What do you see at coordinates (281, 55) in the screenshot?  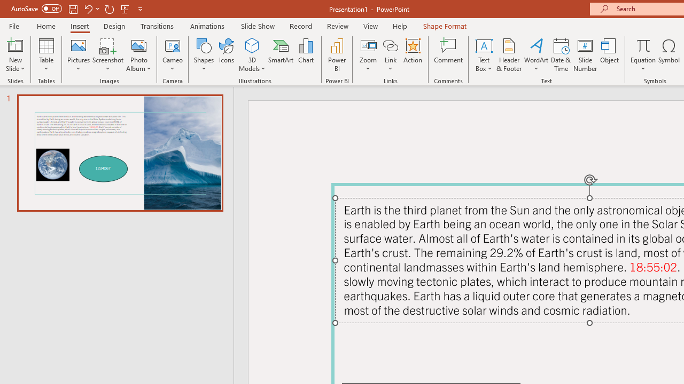 I see `'SmartArt...'` at bounding box center [281, 55].